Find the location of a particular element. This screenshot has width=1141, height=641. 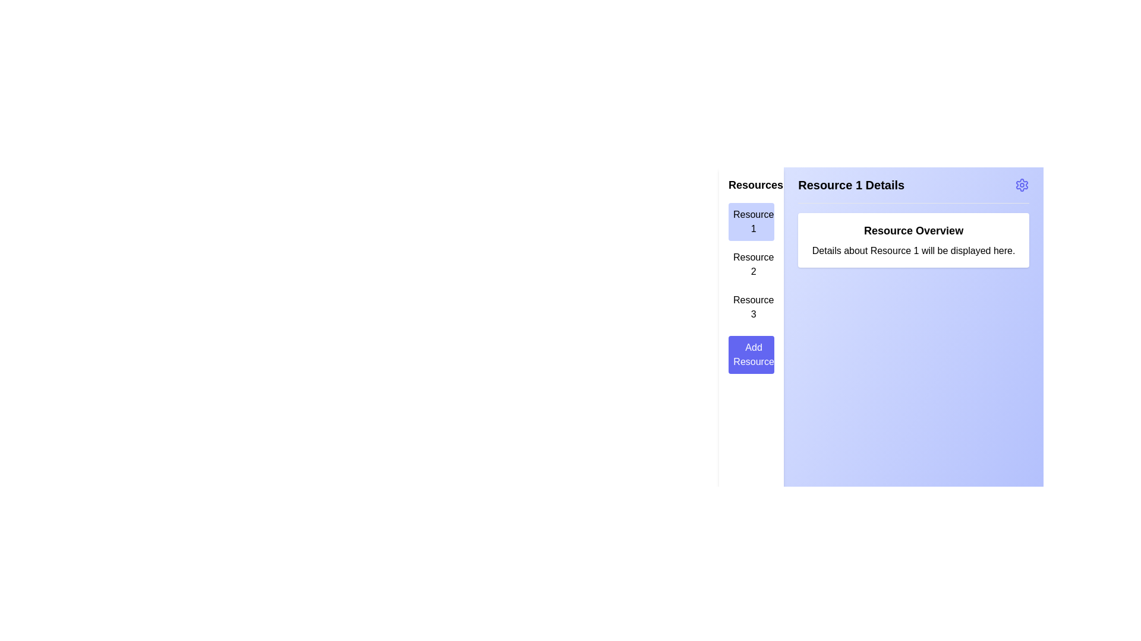

the 'Settings' icon in the top-right corner of the main content area is located at coordinates (1021, 185).